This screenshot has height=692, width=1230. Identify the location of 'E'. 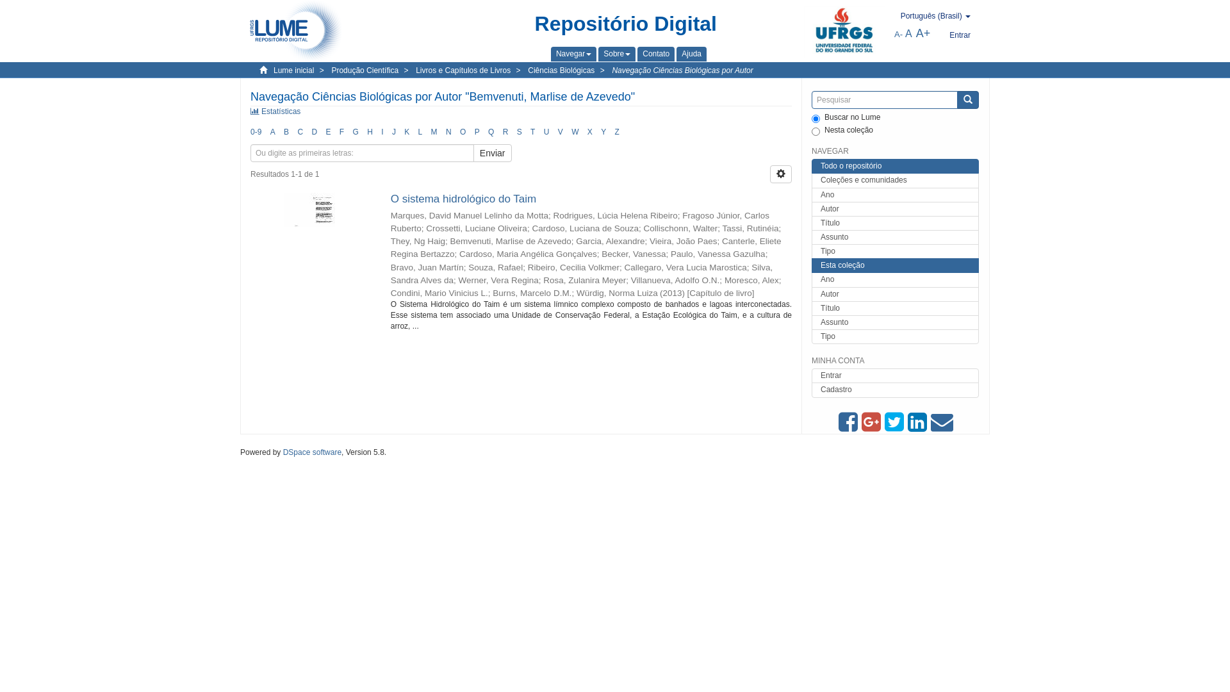
(328, 131).